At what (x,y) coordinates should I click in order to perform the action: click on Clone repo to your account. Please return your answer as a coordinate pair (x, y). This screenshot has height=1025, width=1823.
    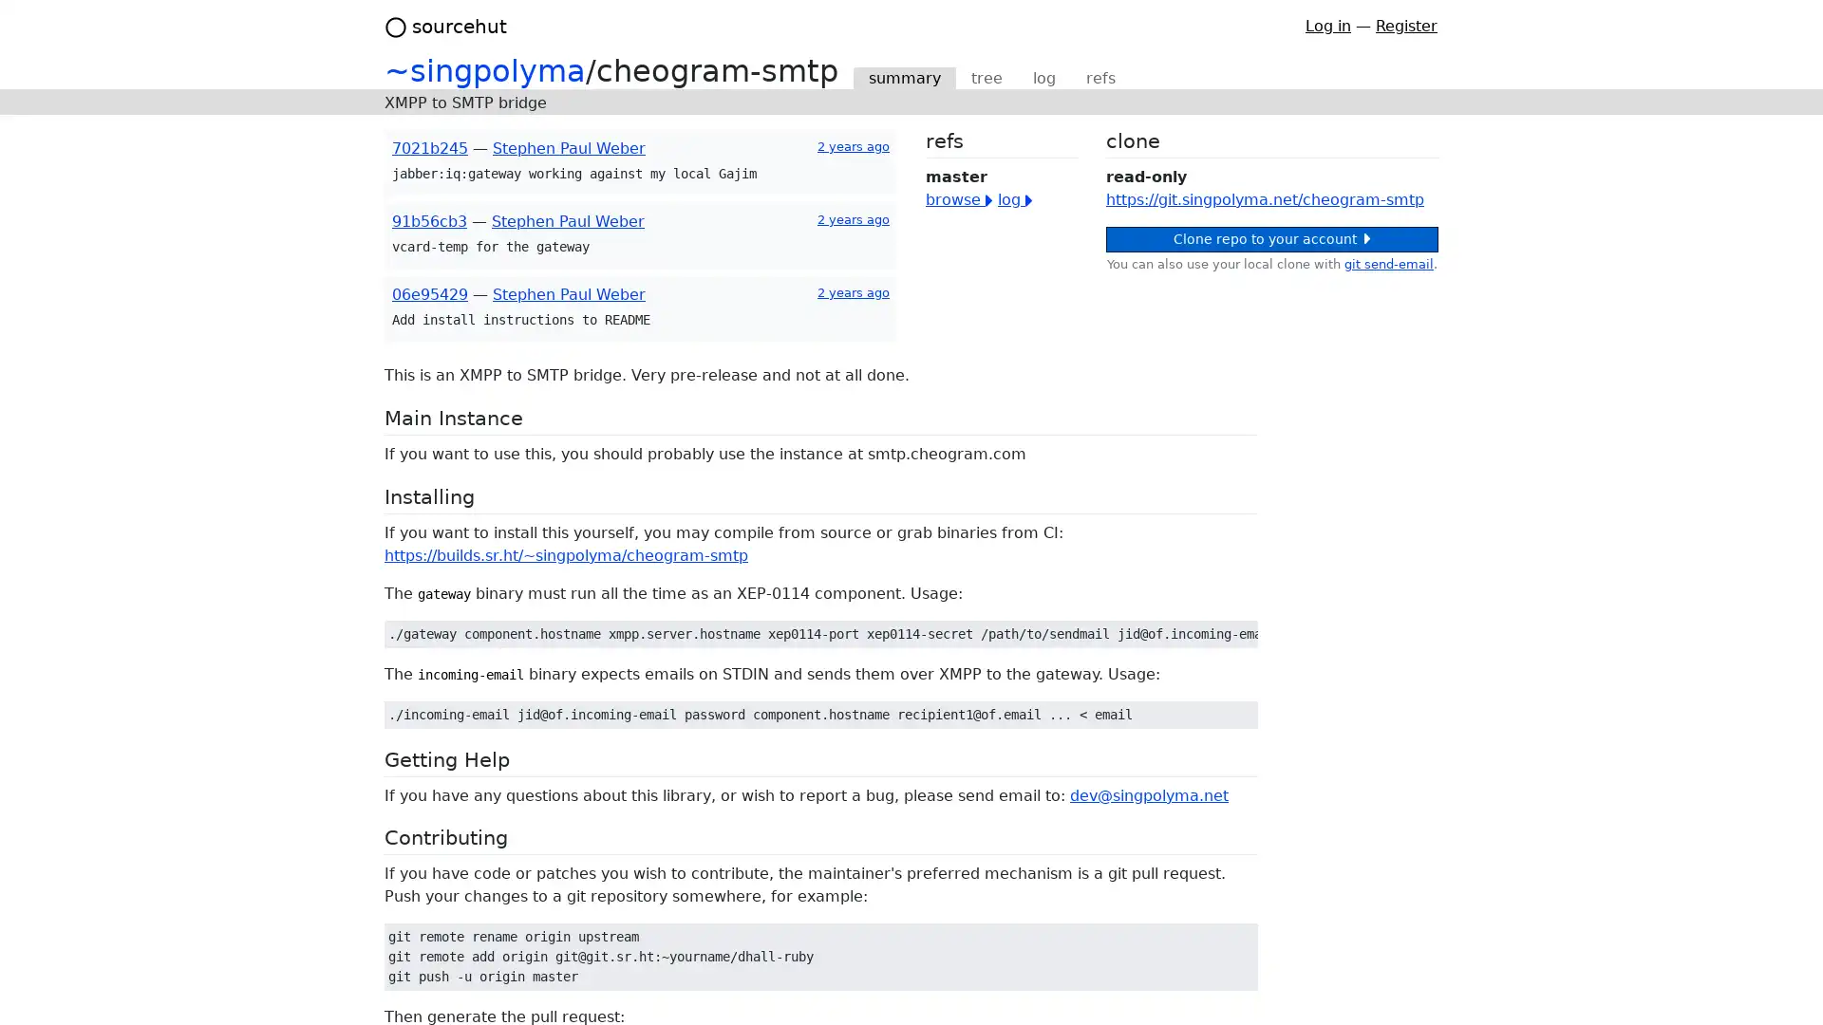
    Looking at the image, I should click on (1271, 238).